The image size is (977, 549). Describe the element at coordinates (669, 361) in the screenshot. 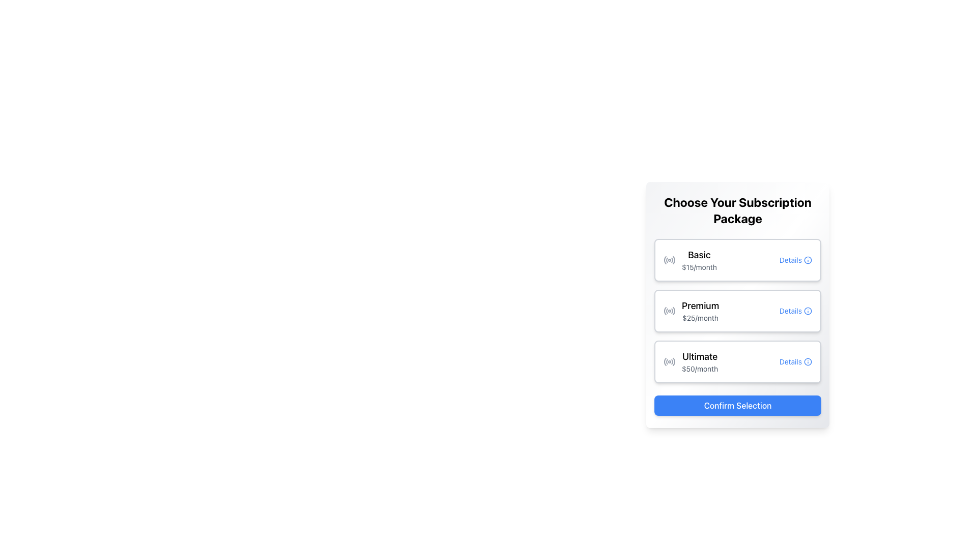

I see `the circular radio button icon representing the 'Ultimate' subscription option, which is styled in gray and located to the left of the text indicating 'Ultimate' and the price of '$50/month'` at that location.